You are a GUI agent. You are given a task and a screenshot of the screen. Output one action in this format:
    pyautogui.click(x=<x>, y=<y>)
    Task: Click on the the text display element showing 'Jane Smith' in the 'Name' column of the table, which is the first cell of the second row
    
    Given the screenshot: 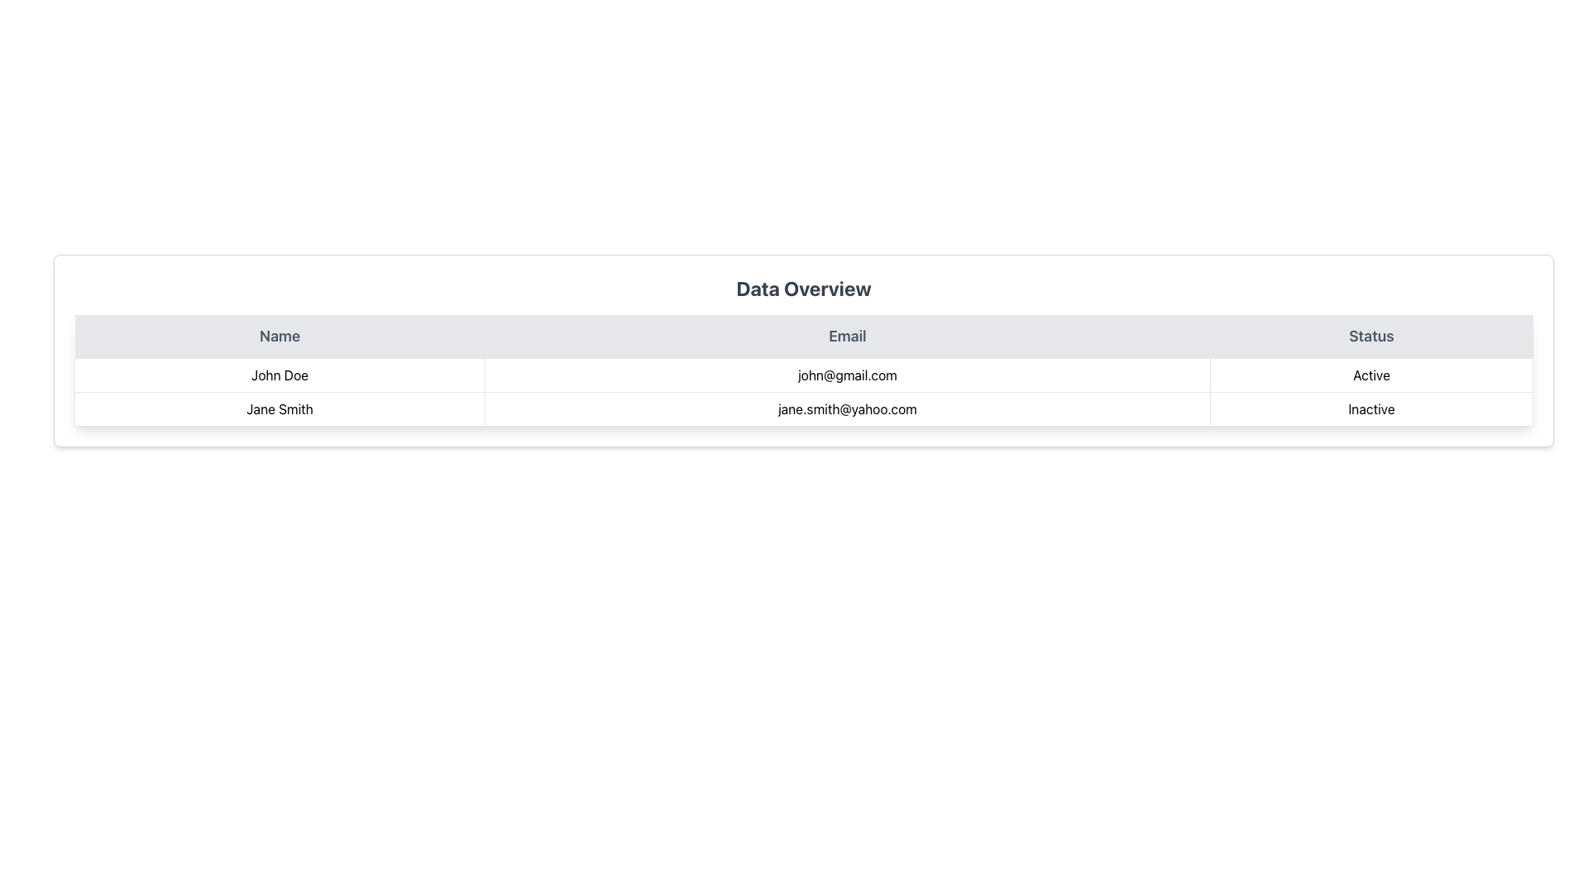 What is the action you would take?
    pyautogui.click(x=280, y=408)
    